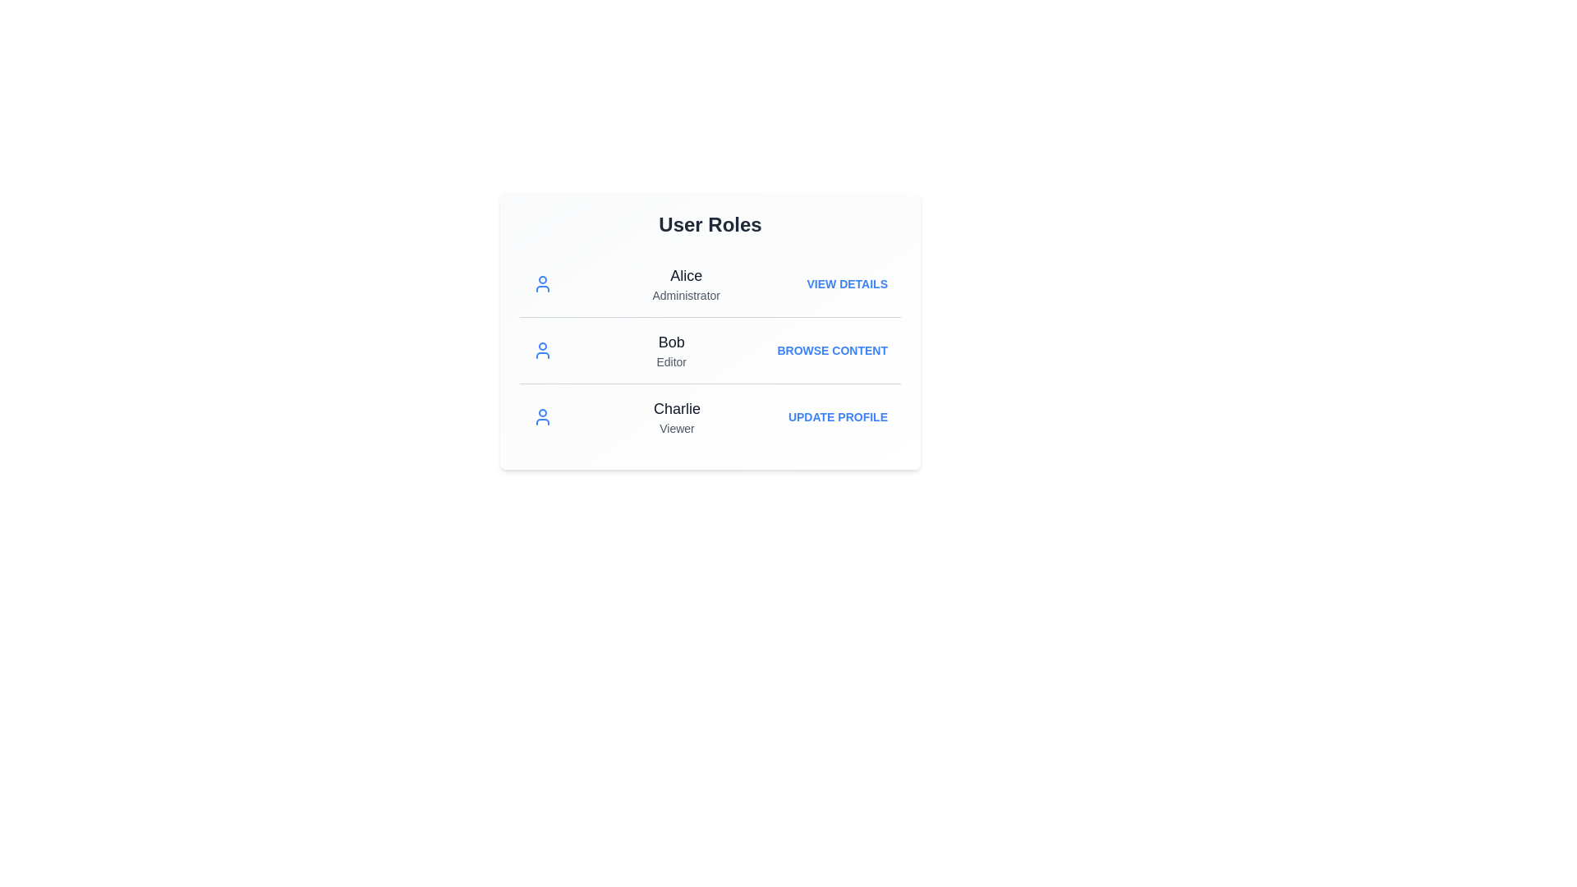 The image size is (1577, 887). What do you see at coordinates (543, 283) in the screenshot?
I see `the user profile icon for 'Alice', which is located to the far-left side of the entry next to the user's name and role information` at bounding box center [543, 283].